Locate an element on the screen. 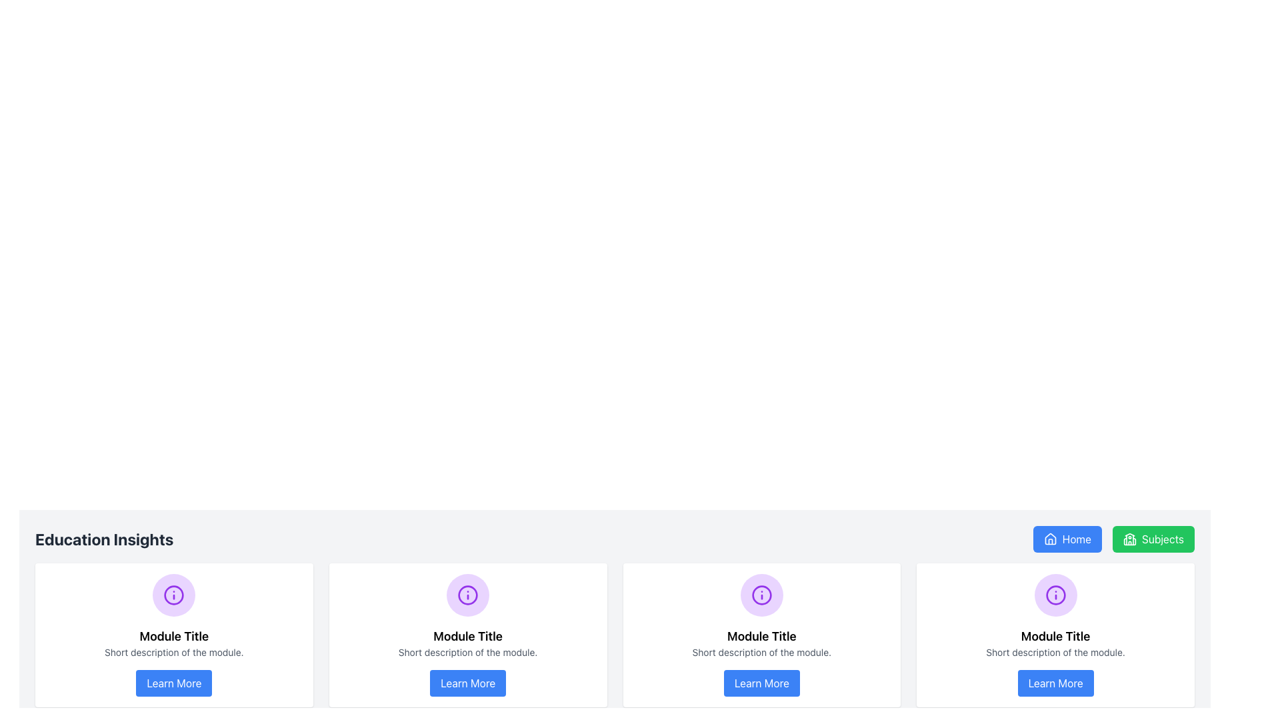  the circular purple icon with an 'i' symbol is located at coordinates (173, 595).